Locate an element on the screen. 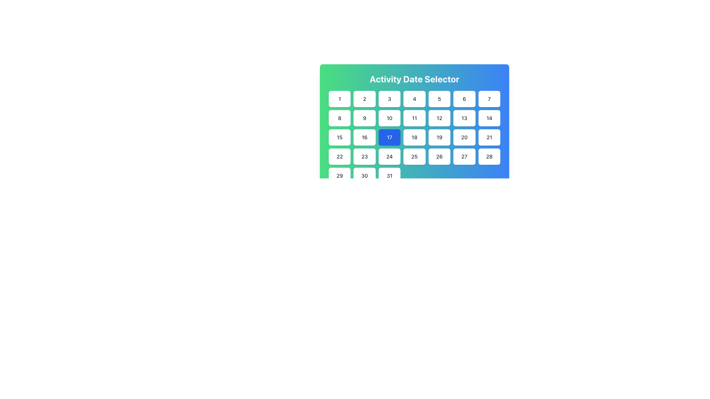 This screenshot has width=710, height=399. the 20th day button in the calendar grid under 'Activity Date Selector' is located at coordinates (464, 137).